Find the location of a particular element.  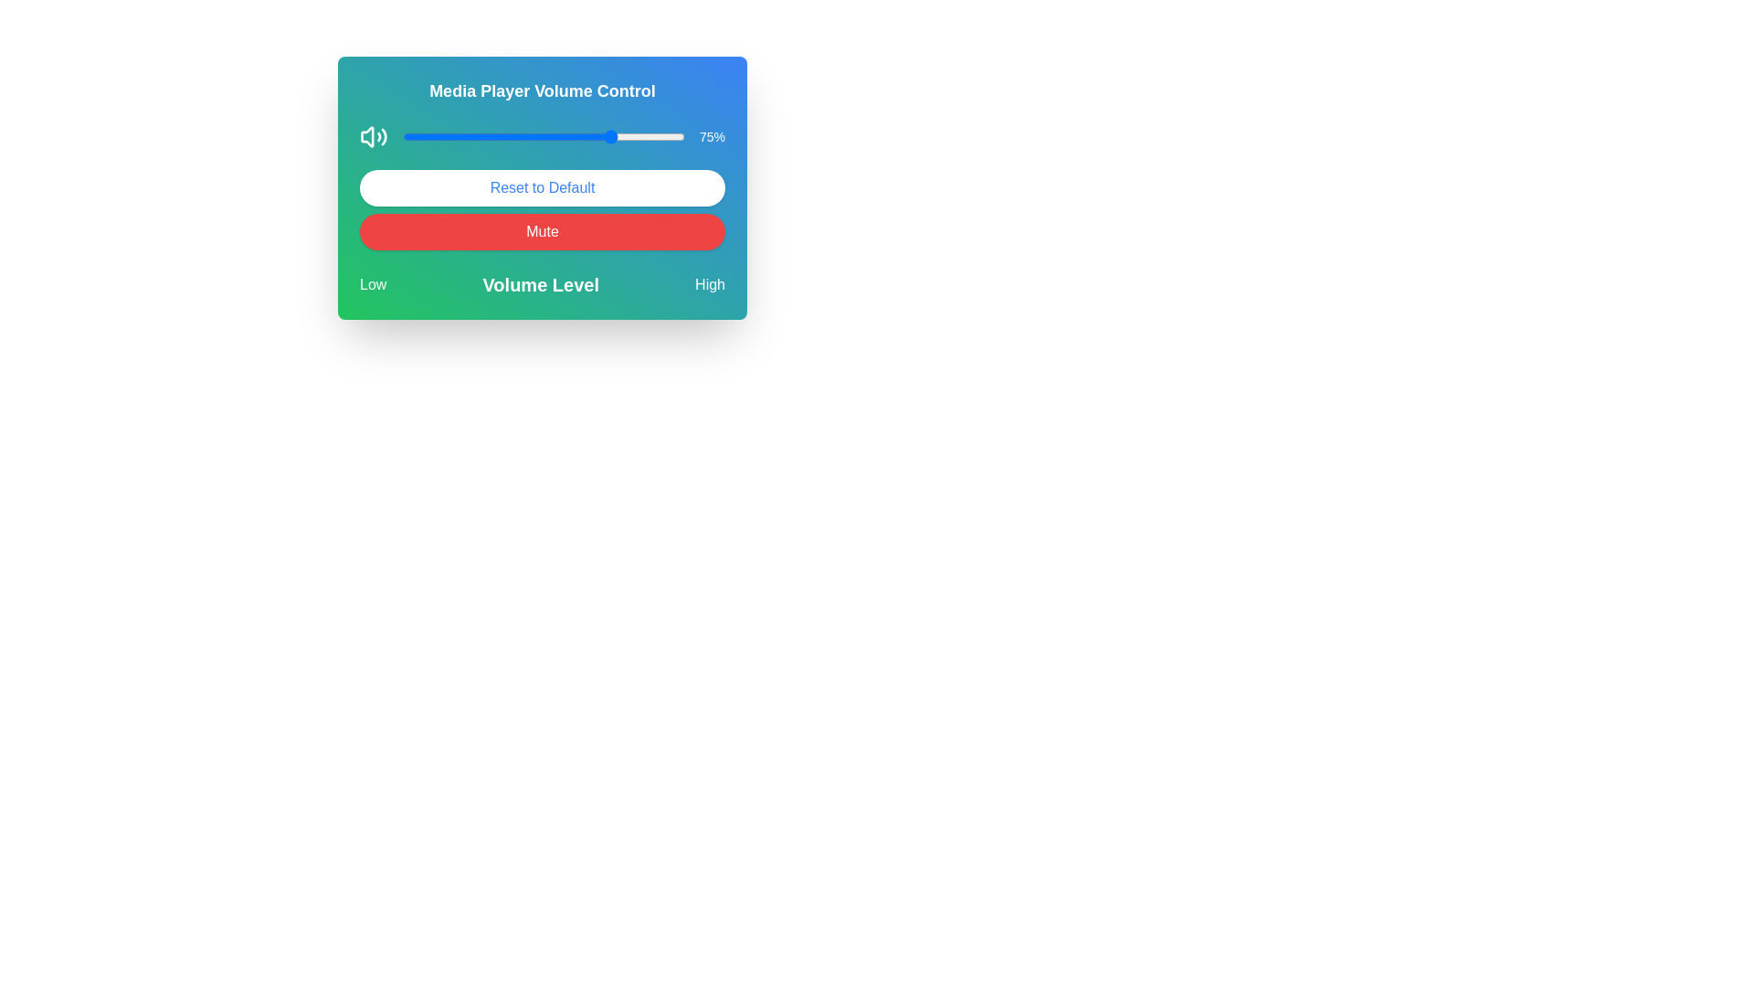

the 'Volume Level' text label in the Media Player Volume Control, which indicates the volume range from 'Low' to 'High' is located at coordinates (542, 285).